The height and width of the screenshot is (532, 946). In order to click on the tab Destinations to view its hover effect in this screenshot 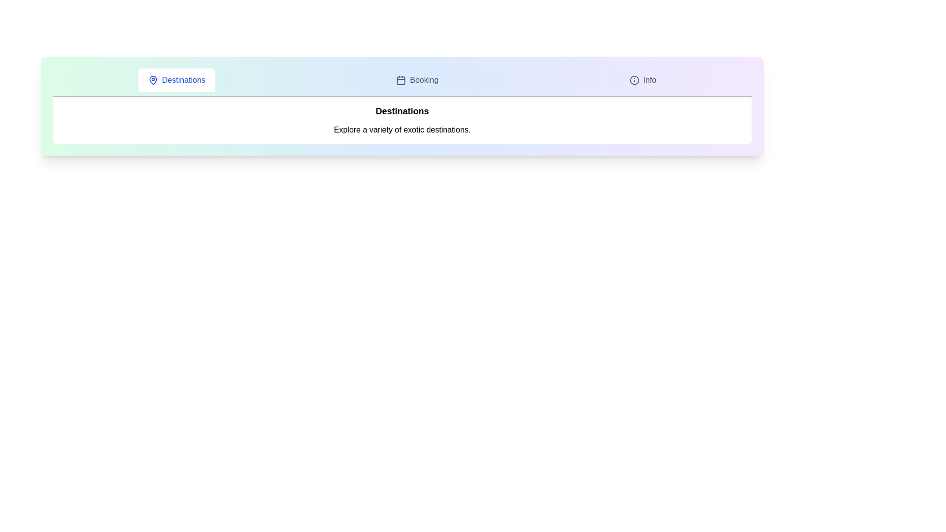, I will do `click(176, 79)`.